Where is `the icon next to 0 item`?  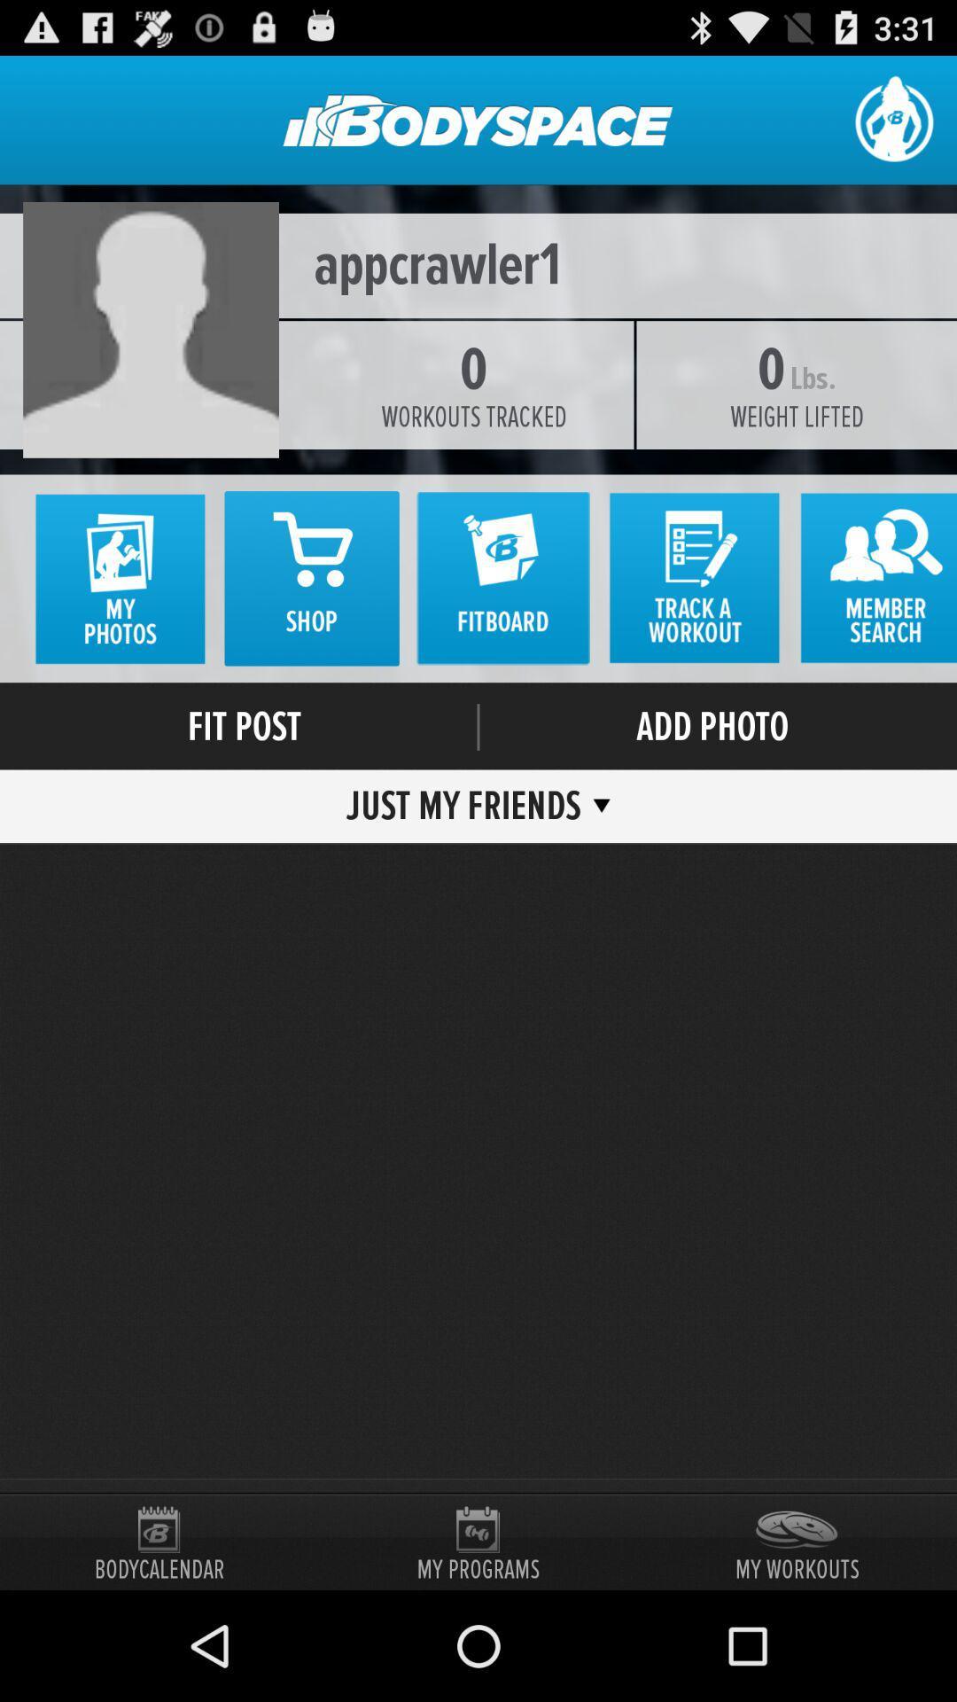 the icon next to 0 item is located at coordinates (813, 378).